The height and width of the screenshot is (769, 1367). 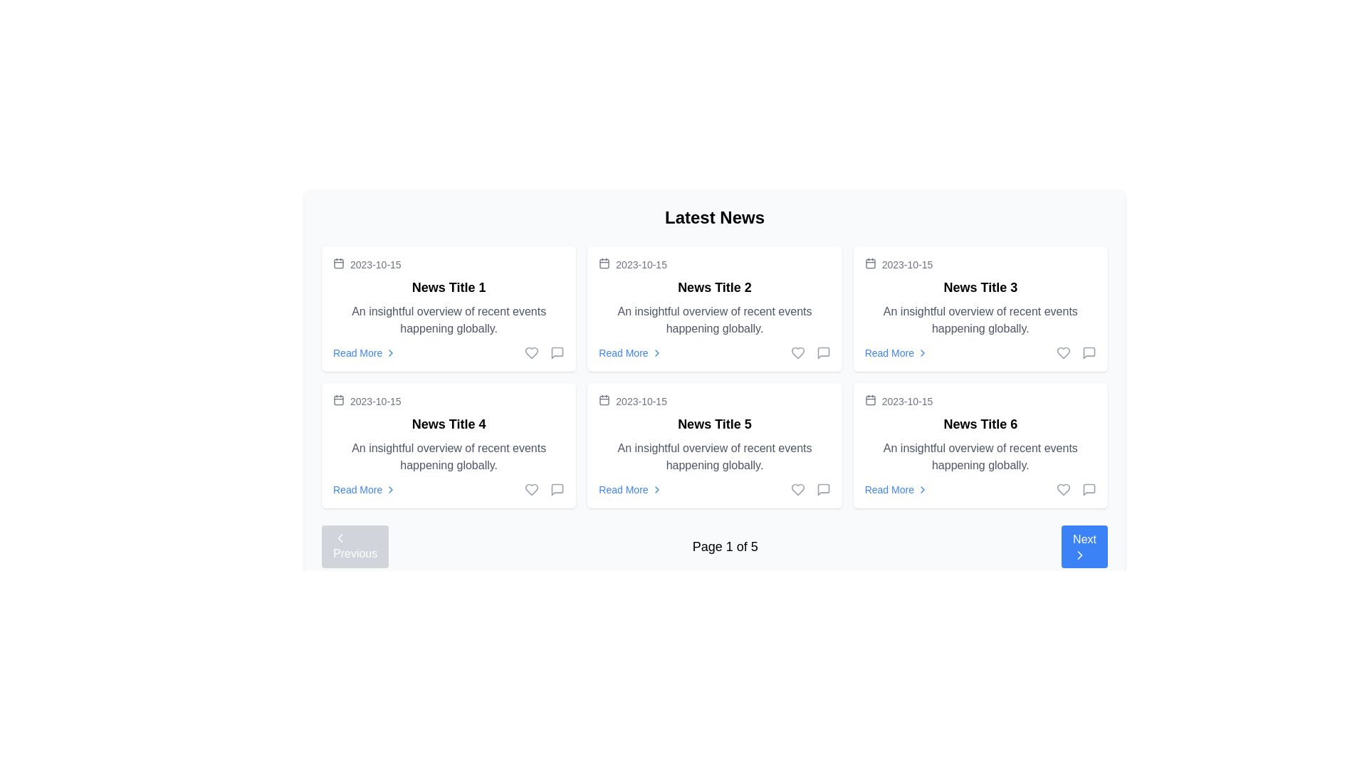 What do you see at coordinates (714, 308) in the screenshot?
I see `the second News Card in the three-column grid for accessibility navigation` at bounding box center [714, 308].